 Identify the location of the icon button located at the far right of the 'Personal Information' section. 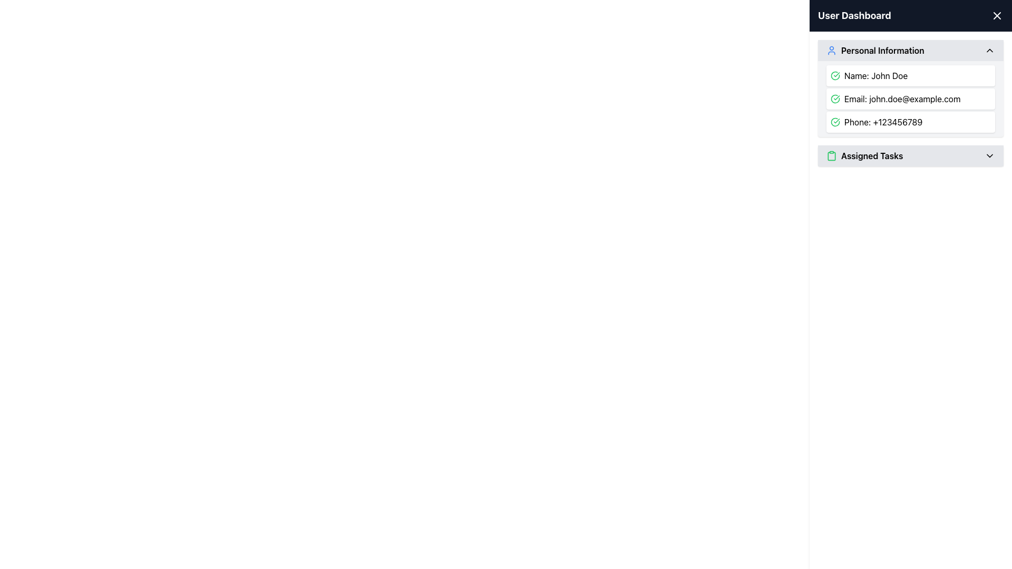
(989, 51).